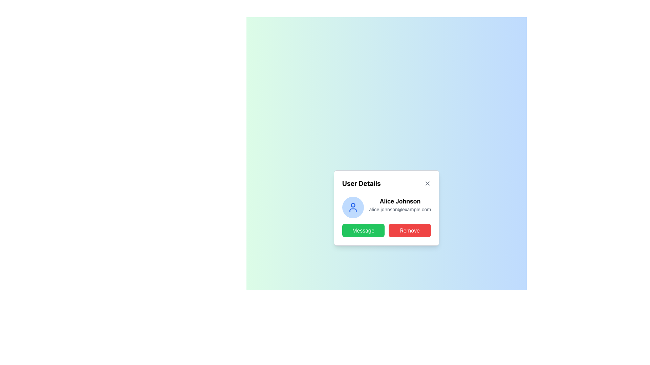 The width and height of the screenshot is (650, 365). What do you see at coordinates (400, 201) in the screenshot?
I see `the bold text label displaying 'Alice Johnson', which is the primary text in the user information group above the email address` at bounding box center [400, 201].